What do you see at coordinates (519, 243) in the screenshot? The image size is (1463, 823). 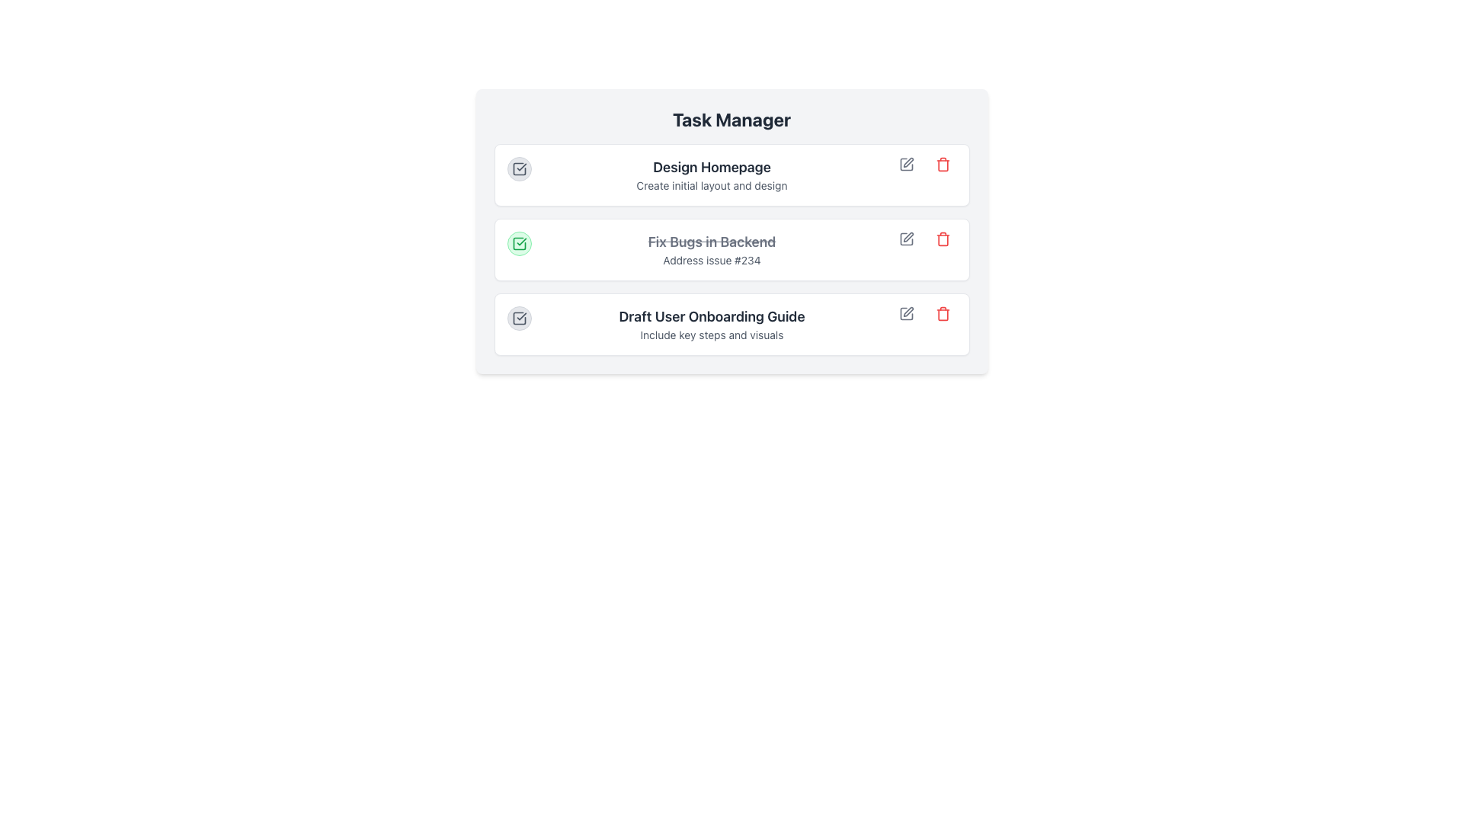 I see `the completed status icon located in the middle item of a vertical task list` at bounding box center [519, 243].